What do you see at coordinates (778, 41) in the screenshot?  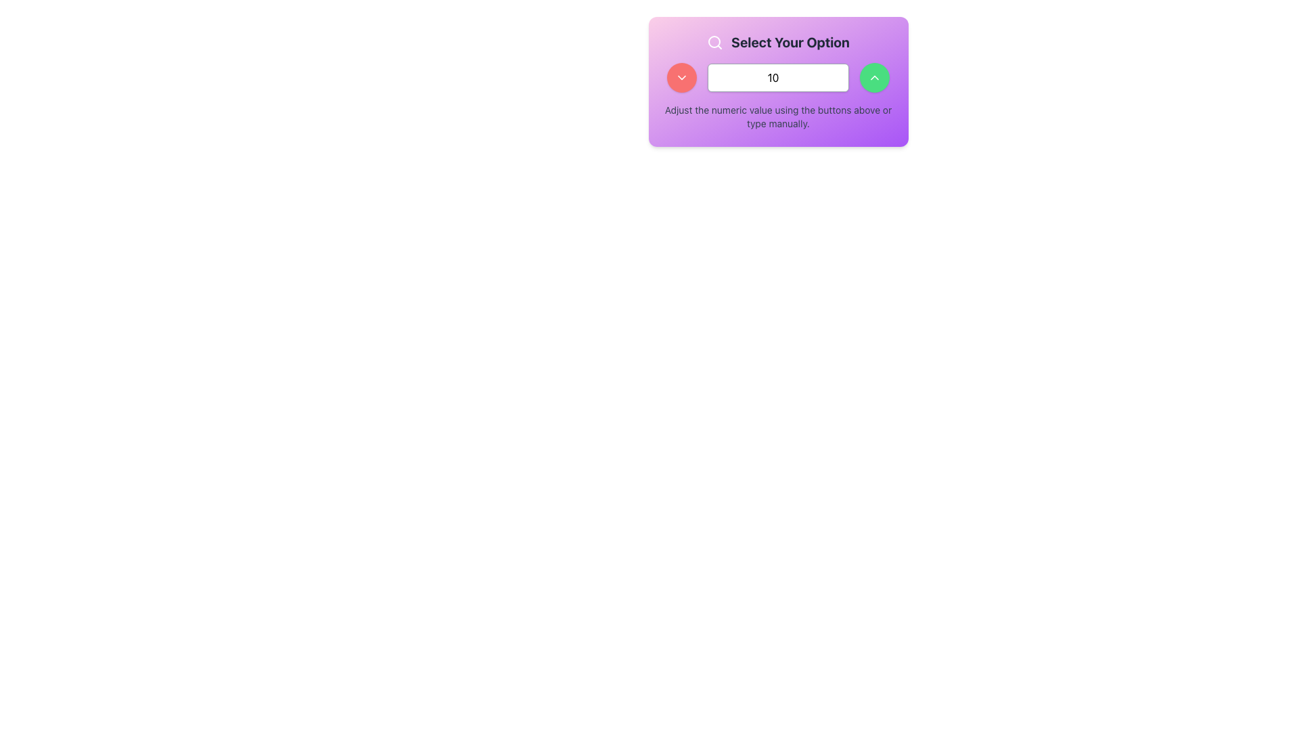 I see `the text label that reads 'Select Your Option', which is a bold header displayed prominently at the top of a card with a colorful gradient background` at bounding box center [778, 41].